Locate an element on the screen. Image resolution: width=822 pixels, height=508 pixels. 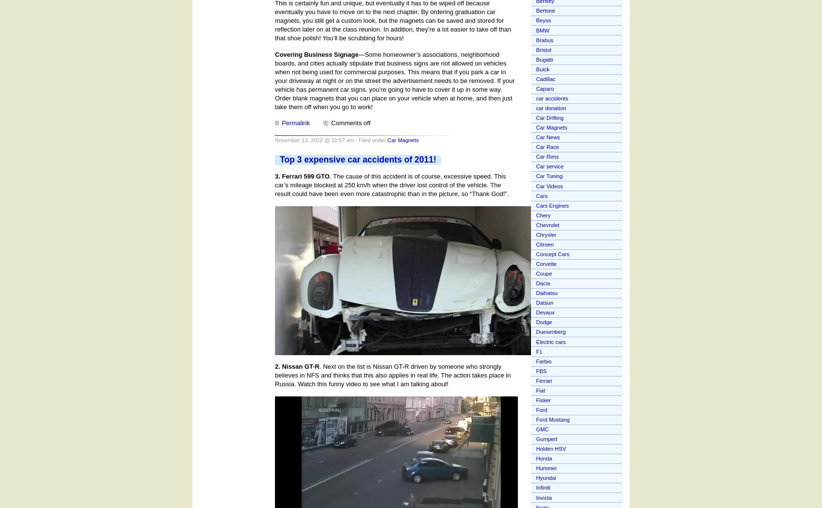
'BMW' is located at coordinates (542, 30).